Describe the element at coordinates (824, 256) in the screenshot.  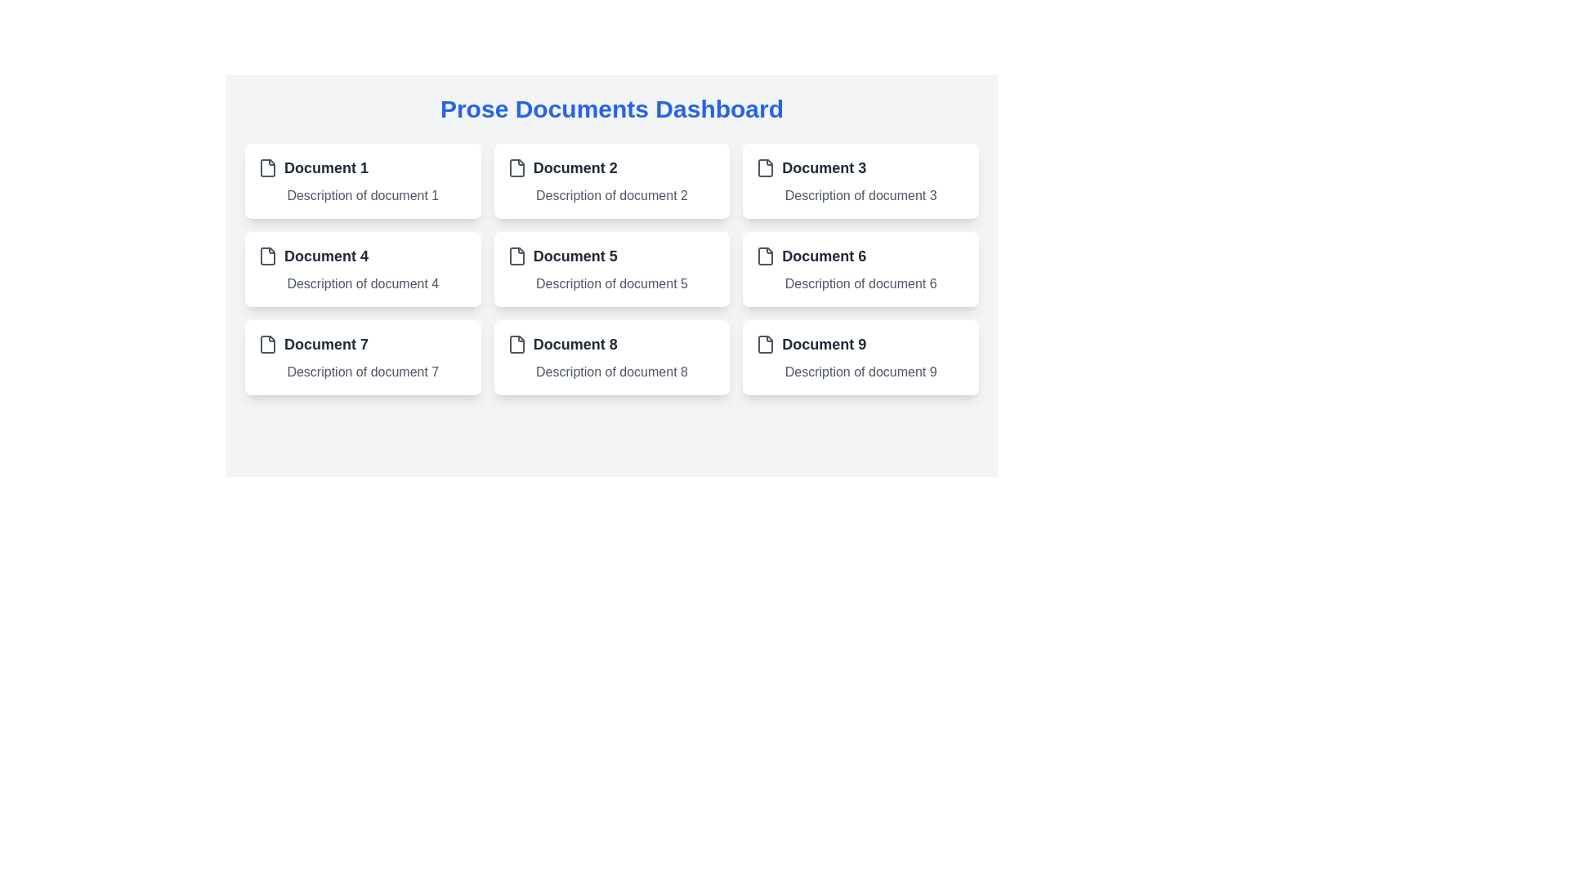
I see `the label that provides the title of the associated document in the sixth card of a grid layout` at that location.